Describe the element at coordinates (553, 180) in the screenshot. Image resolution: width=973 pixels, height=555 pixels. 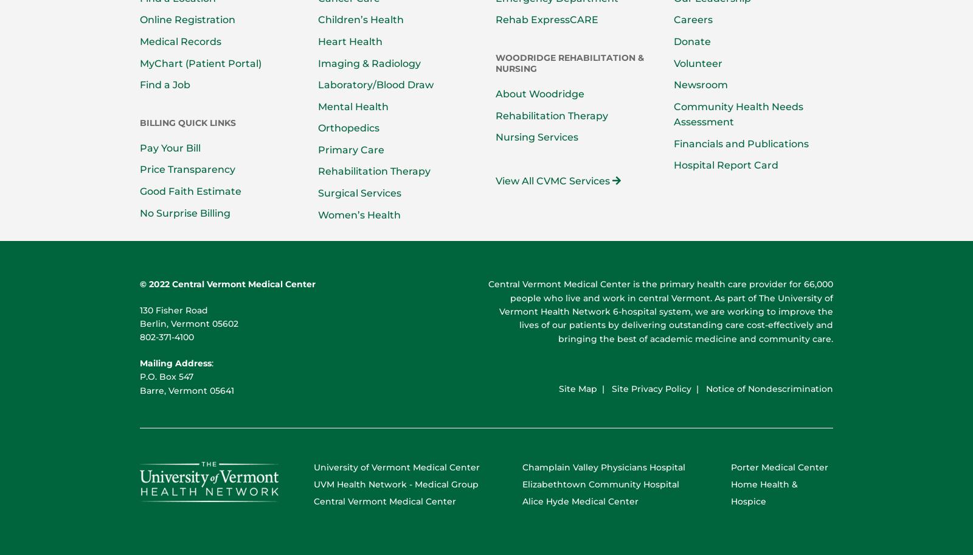
I see `'View All CVMC Services'` at that location.